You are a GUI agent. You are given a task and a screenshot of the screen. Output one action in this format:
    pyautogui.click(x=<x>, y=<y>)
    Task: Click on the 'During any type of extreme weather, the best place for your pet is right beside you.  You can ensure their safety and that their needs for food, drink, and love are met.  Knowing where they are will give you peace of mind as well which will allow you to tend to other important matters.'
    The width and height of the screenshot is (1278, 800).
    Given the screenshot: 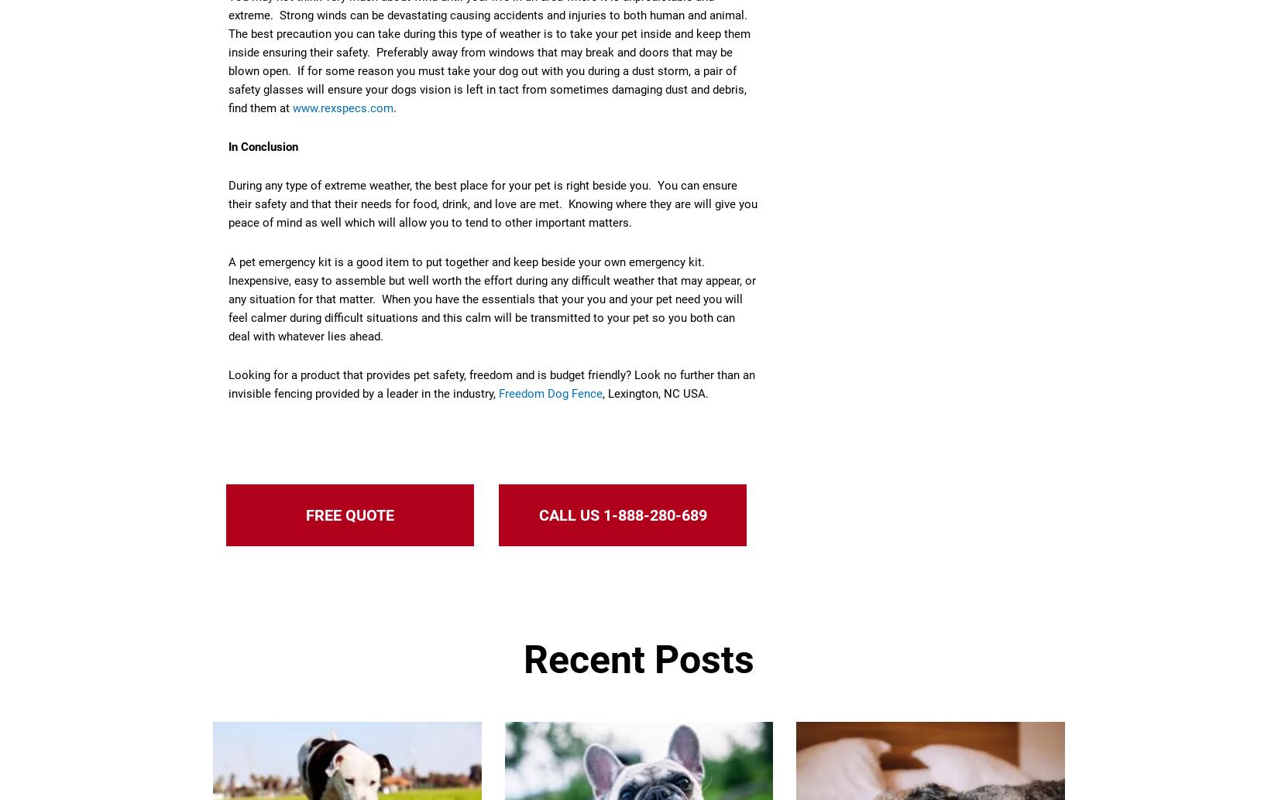 What is the action you would take?
    pyautogui.click(x=492, y=203)
    